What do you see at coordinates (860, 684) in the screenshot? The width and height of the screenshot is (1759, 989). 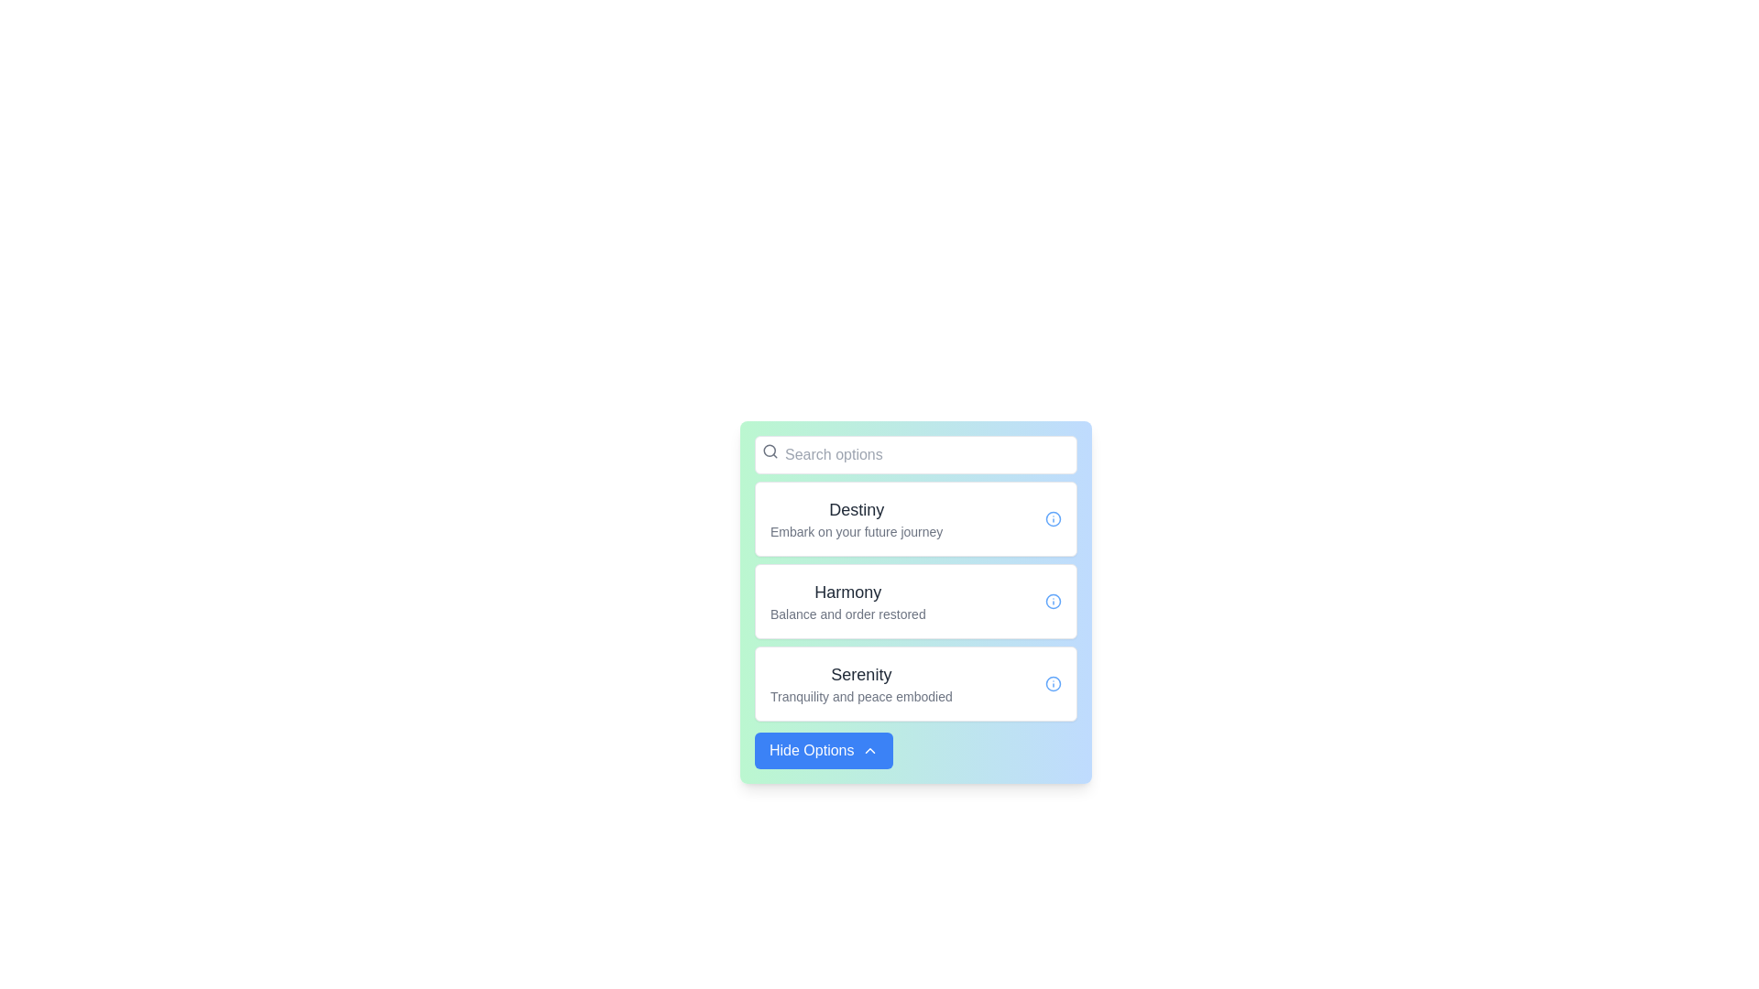 I see `the 'Serenity' text block, which displays information about the option, located in the third box of selection options, between 'Harmony' and the 'Hide Options' button` at bounding box center [860, 684].